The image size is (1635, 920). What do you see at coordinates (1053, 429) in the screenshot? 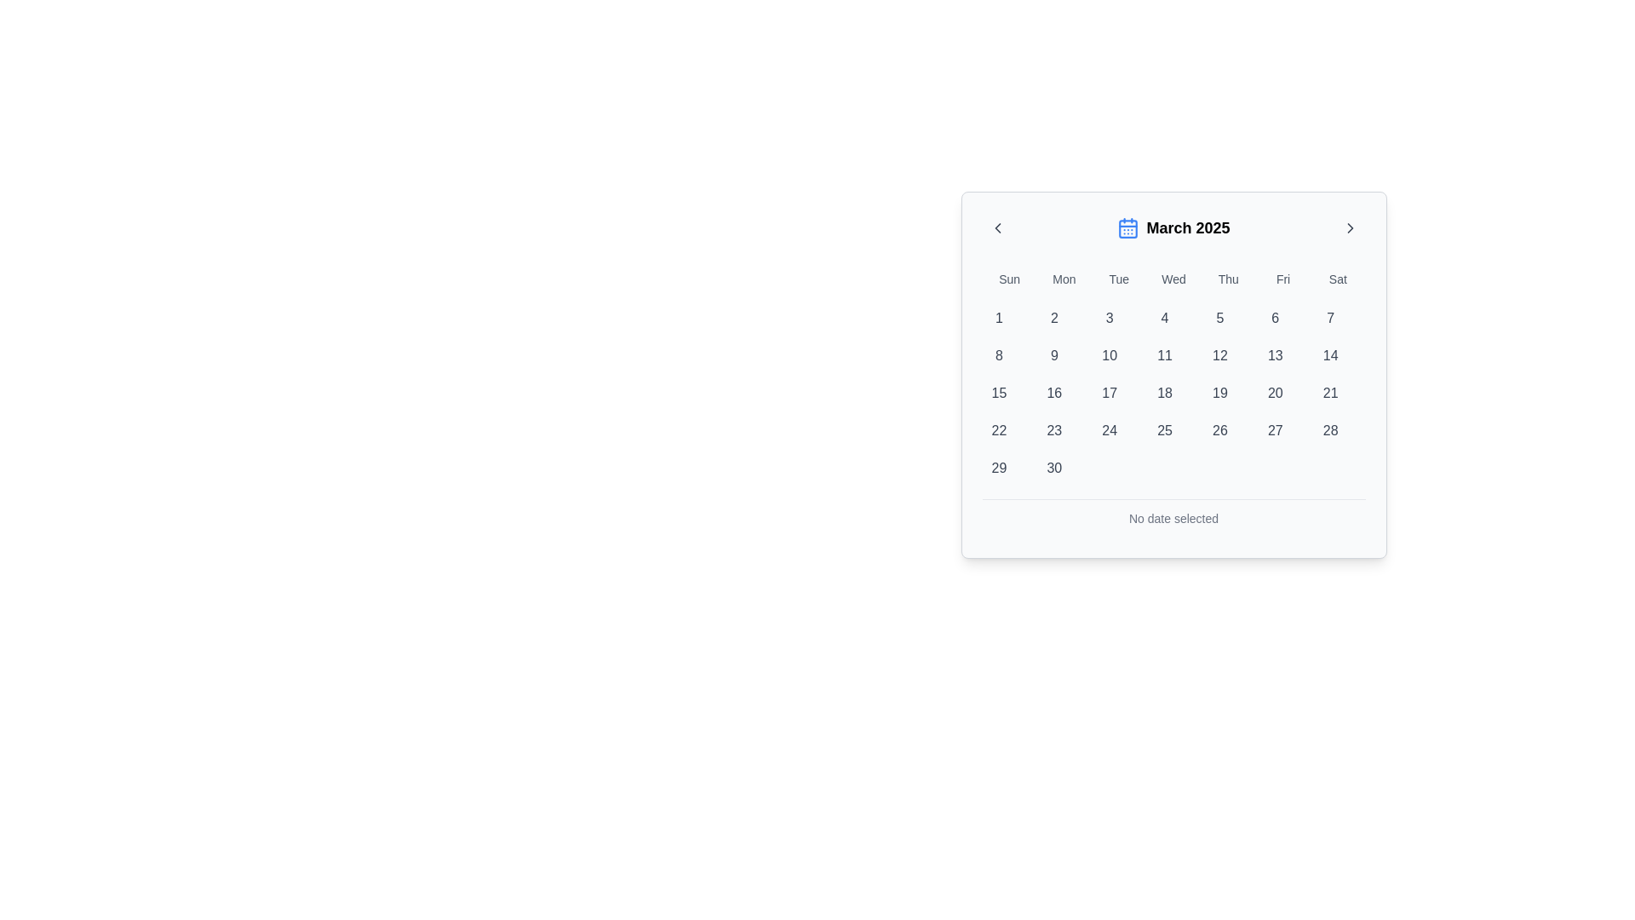
I see `the selectable day button for '23rd March 2025' in the calendar interface` at bounding box center [1053, 429].